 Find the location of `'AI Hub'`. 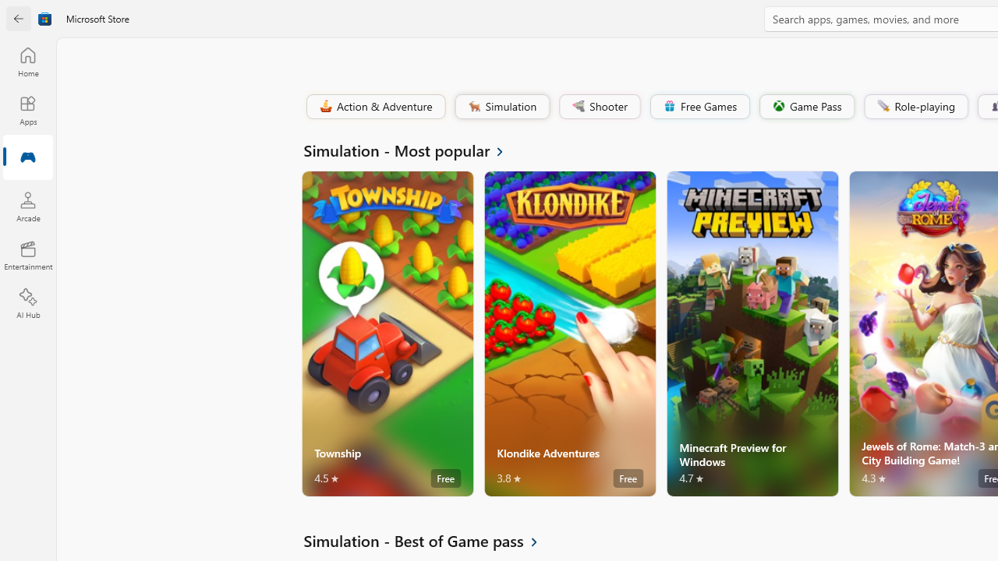

'AI Hub' is located at coordinates (27, 304).